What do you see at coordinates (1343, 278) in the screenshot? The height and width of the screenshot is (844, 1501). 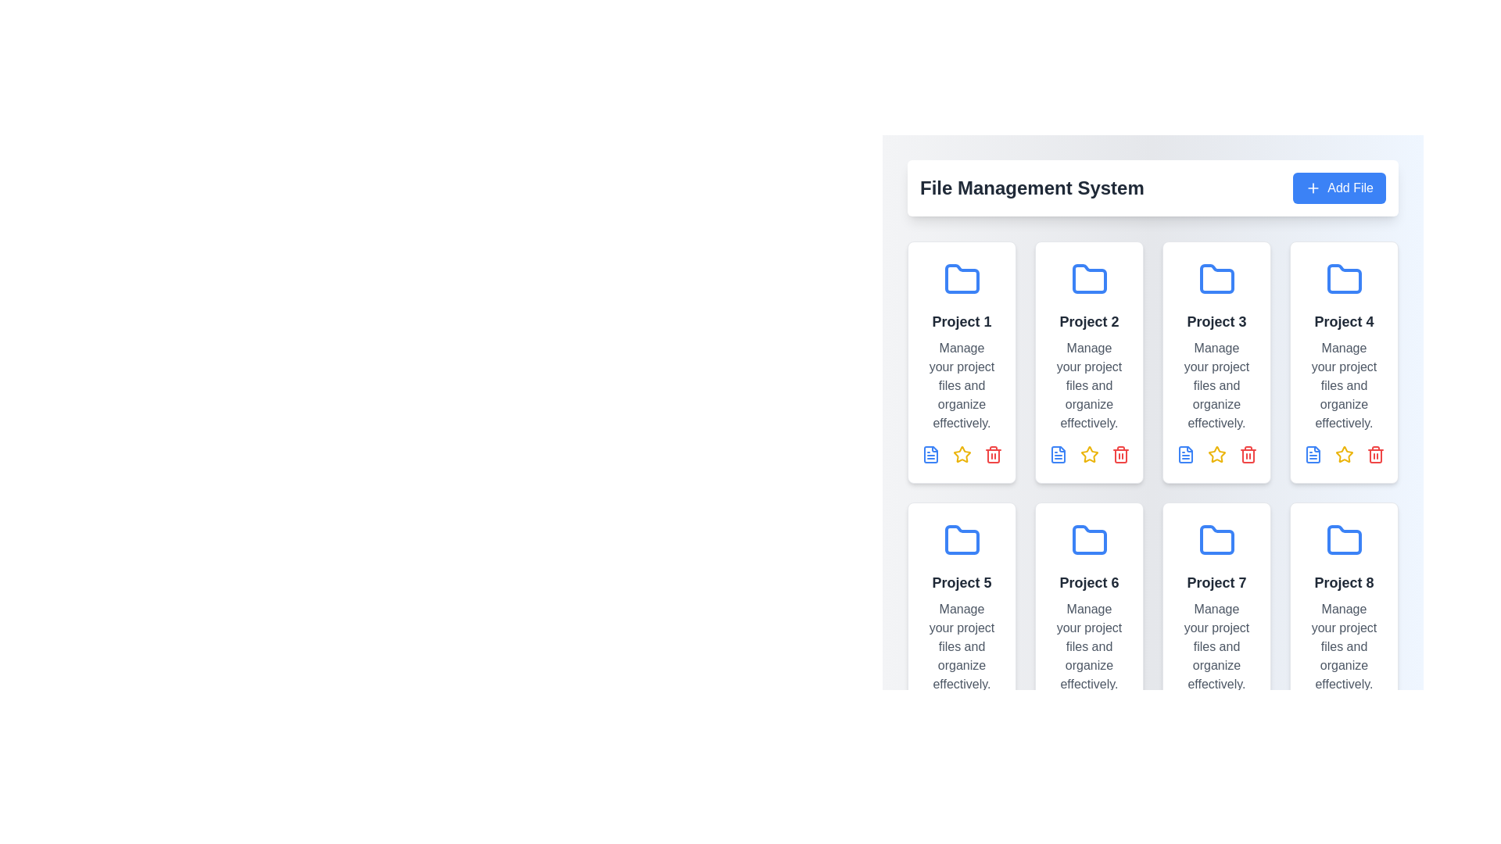 I see `the folder icon located in the "Project 4" card, which is positioned in the fourth column of the first row of the grid` at bounding box center [1343, 278].